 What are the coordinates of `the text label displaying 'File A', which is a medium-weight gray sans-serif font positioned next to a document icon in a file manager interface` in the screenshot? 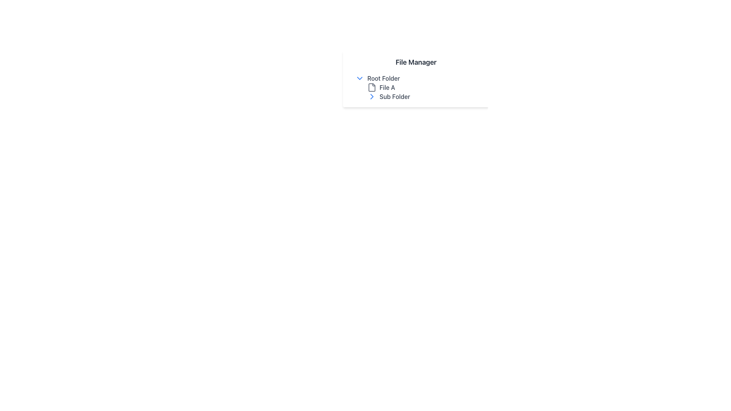 It's located at (387, 87).